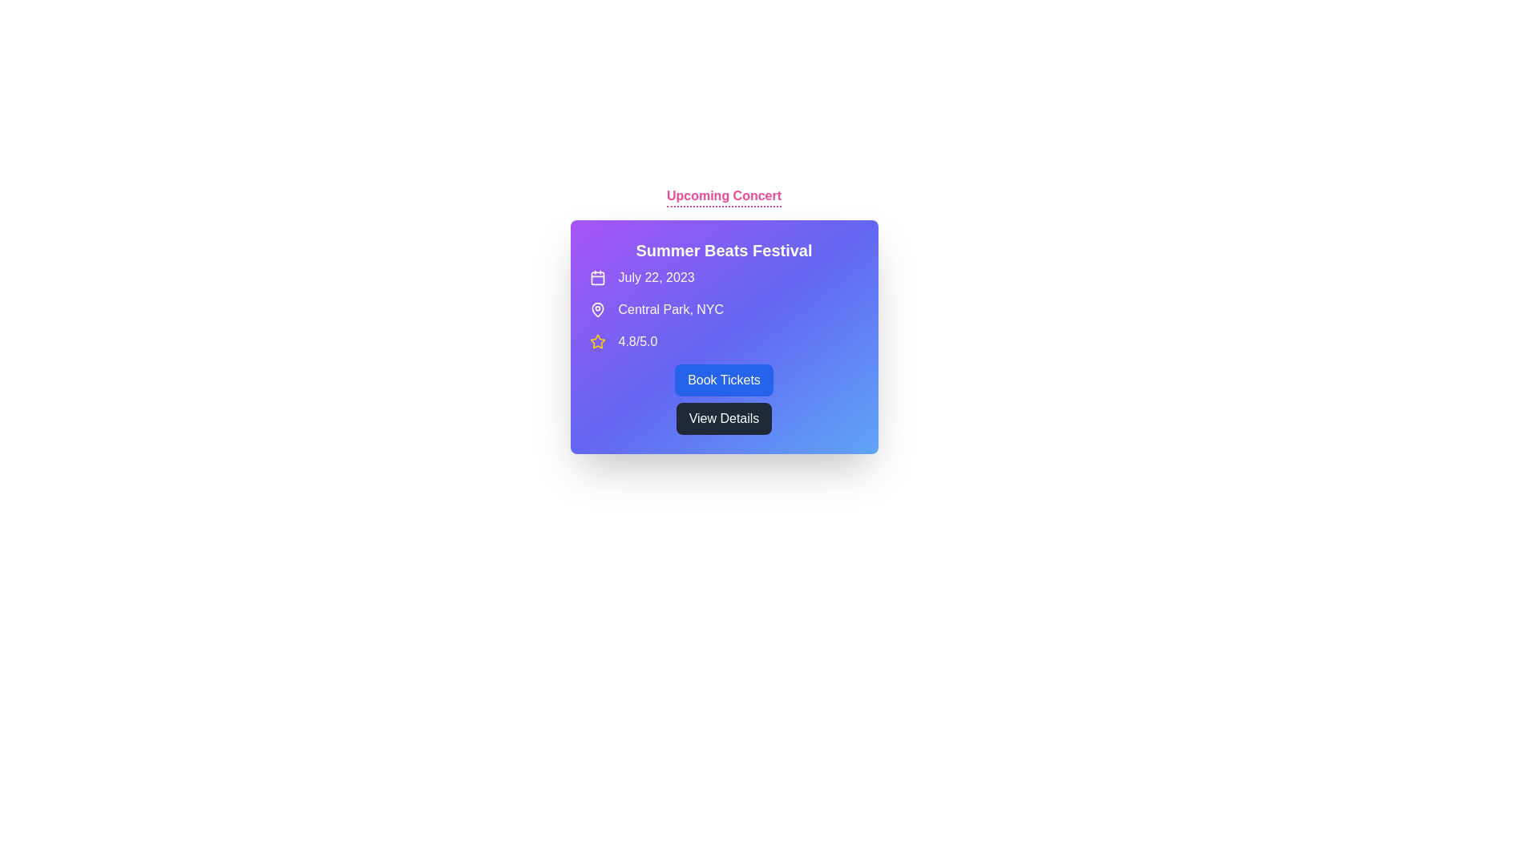 The height and width of the screenshot is (865, 1539). Describe the element at coordinates (723, 418) in the screenshot. I see `the second button in the vertical stack located near the bottom center of the card` at that location.